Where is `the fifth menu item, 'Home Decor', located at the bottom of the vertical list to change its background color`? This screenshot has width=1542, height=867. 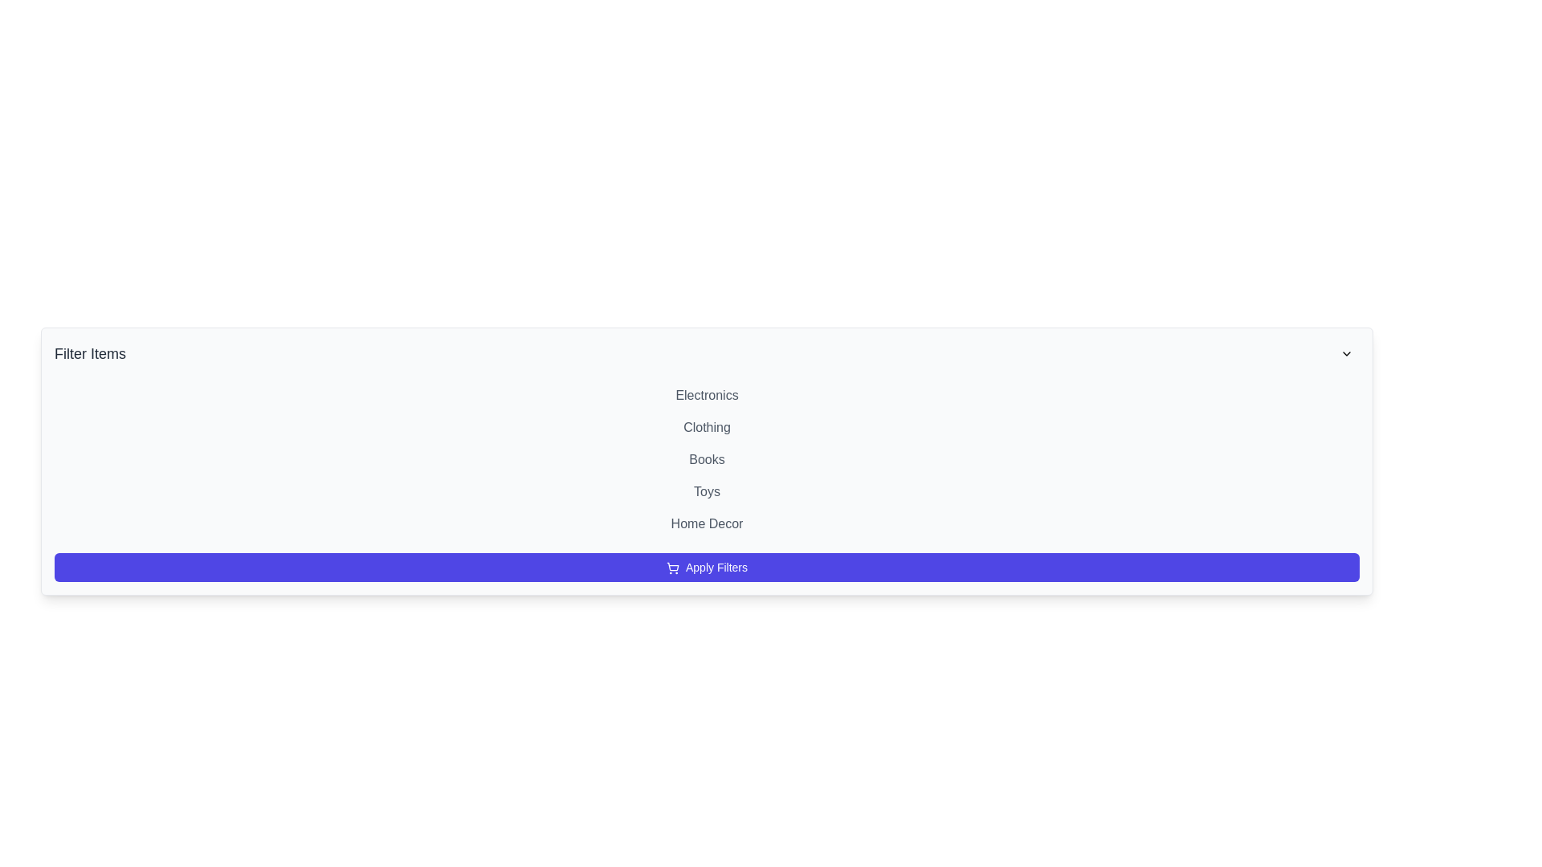
the fifth menu item, 'Home Decor', located at the bottom of the vertical list to change its background color is located at coordinates (707, 523).